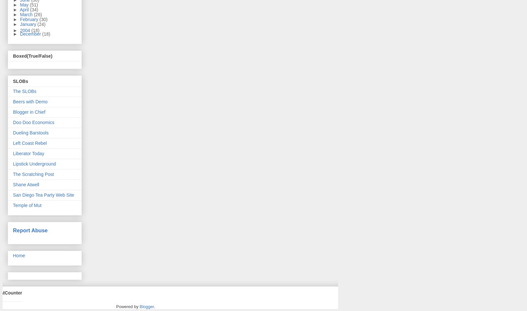 This screenshot has height=311, width=527. What do you see at coordinates (33, 121) in the screenshot?
I see `'Doo Doo Economics'` at bounding box center [33, 121].